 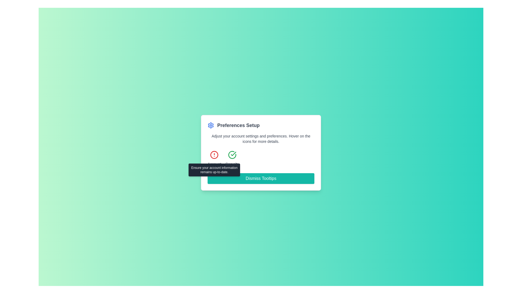 What do you see at coordinates (232, 155) in the screenshot?
I see `the circular green check mark icon indicating 'Security' status, located in the middle of the pop-up interface` at bounding box center [232, 155].